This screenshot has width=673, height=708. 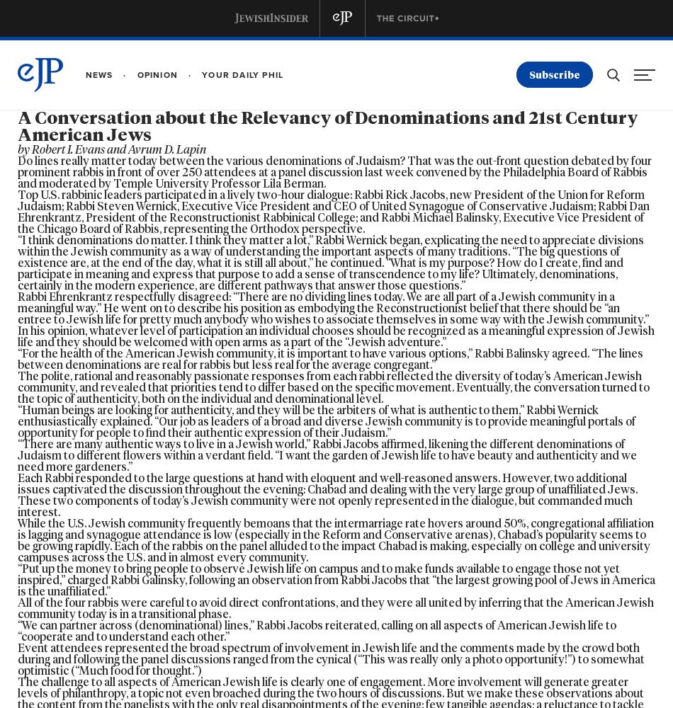 What do you see at coordinates (111, 149) in the screenshot?
I see `'by Robert I. Evans and Avrum D. Lapin'` at bounding box center [111, 149].